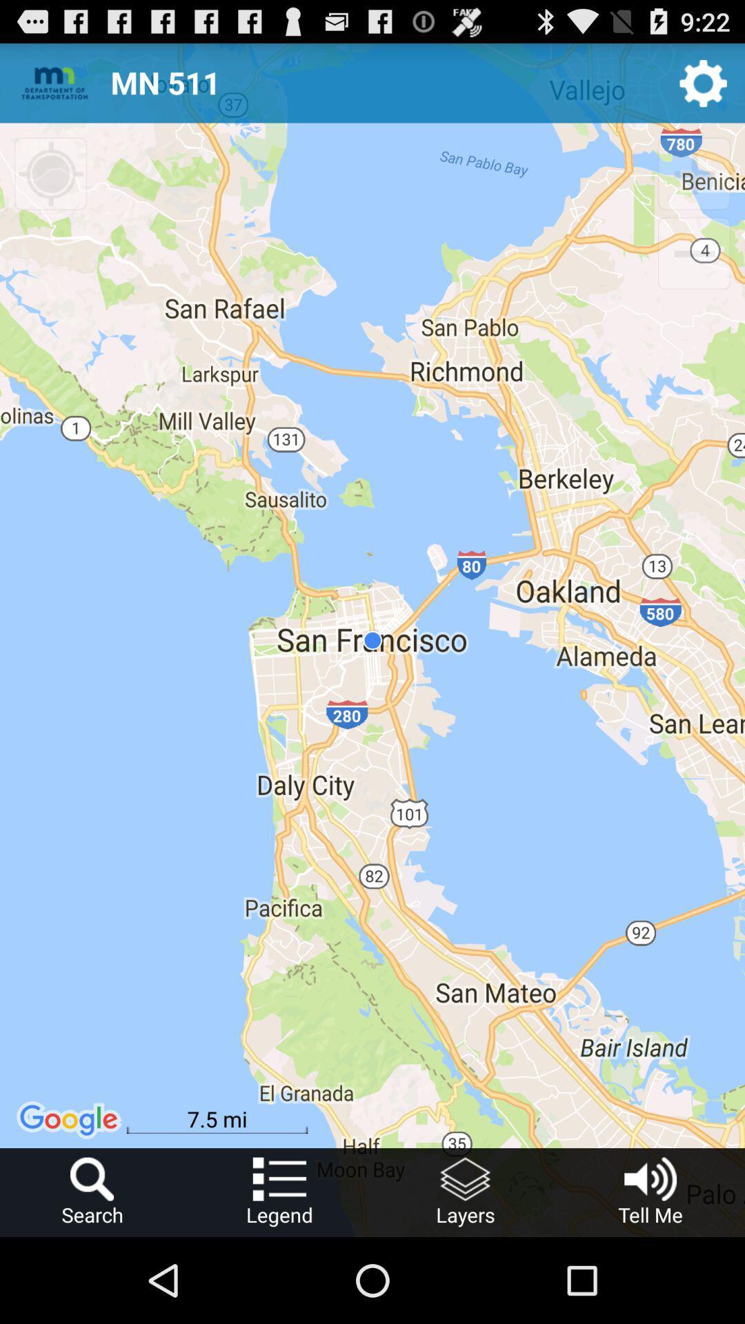  I want to click on the item at the center, so click(372, 639).